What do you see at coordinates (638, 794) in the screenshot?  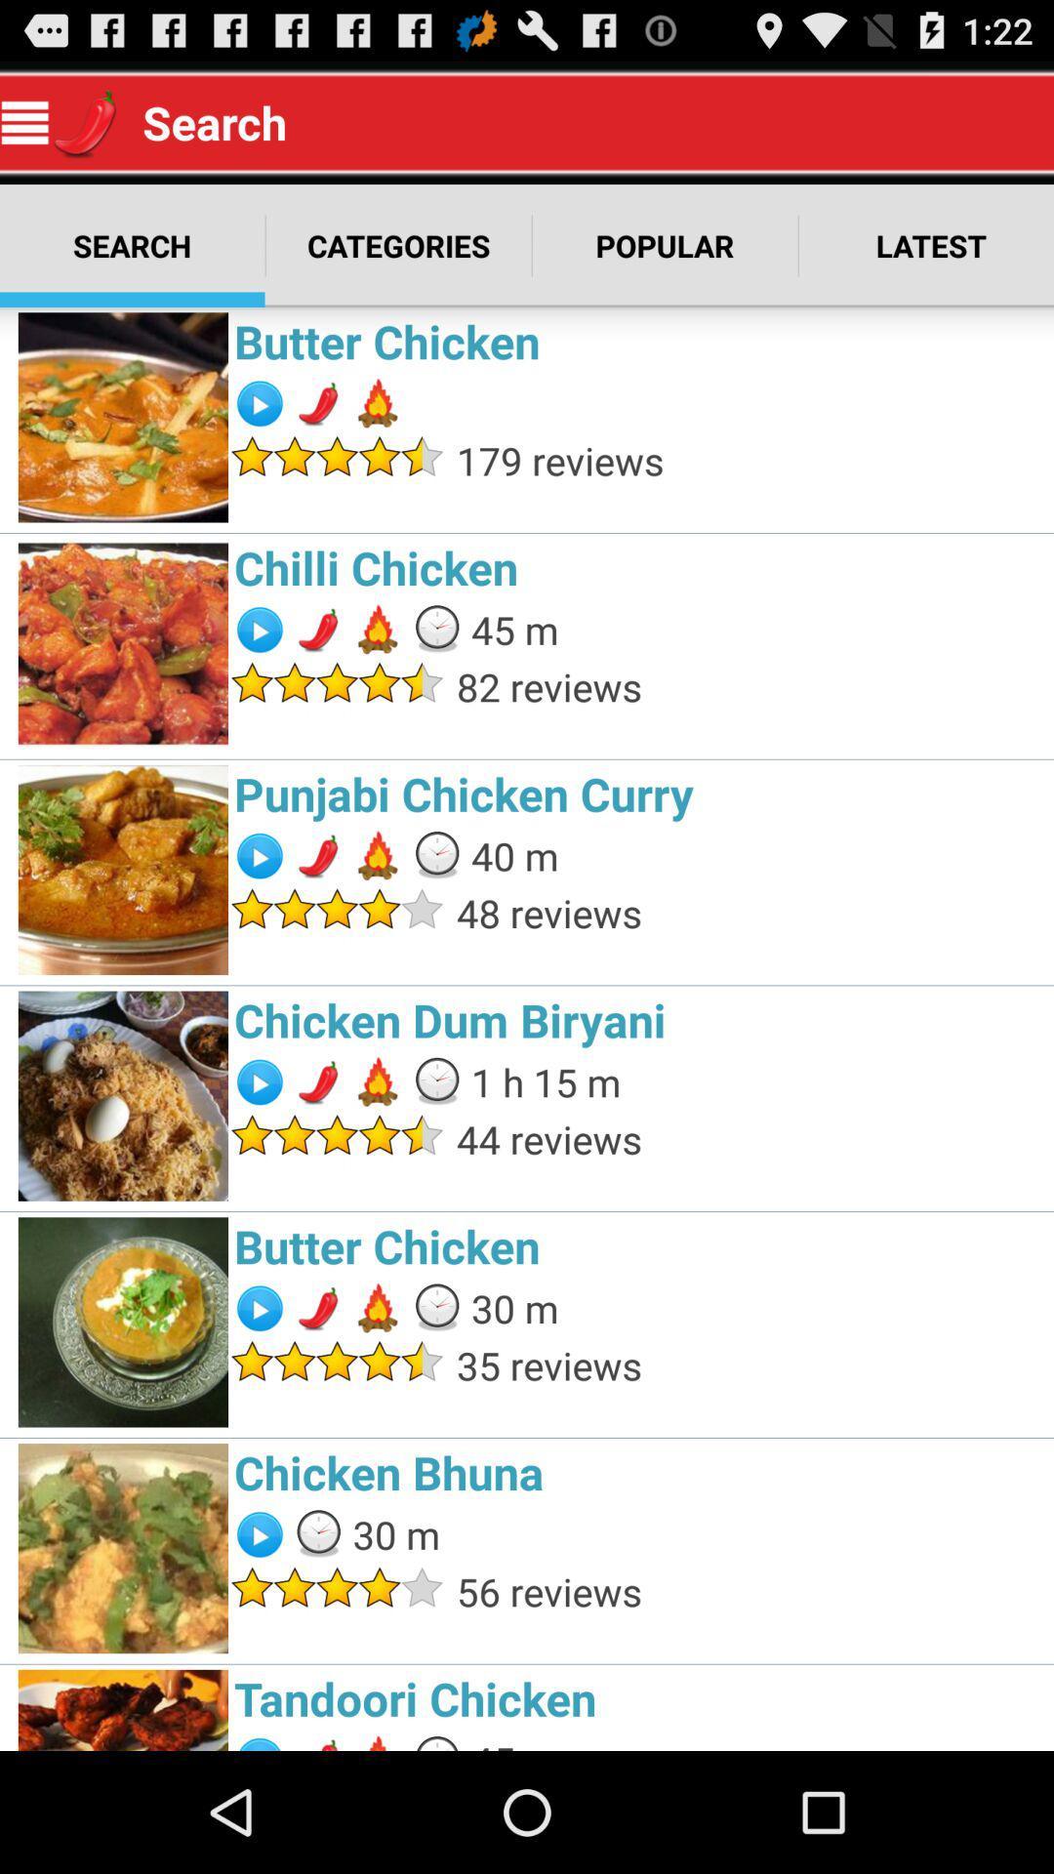 I see `punjabi chicken curry item` at bounding box center [638, 794].